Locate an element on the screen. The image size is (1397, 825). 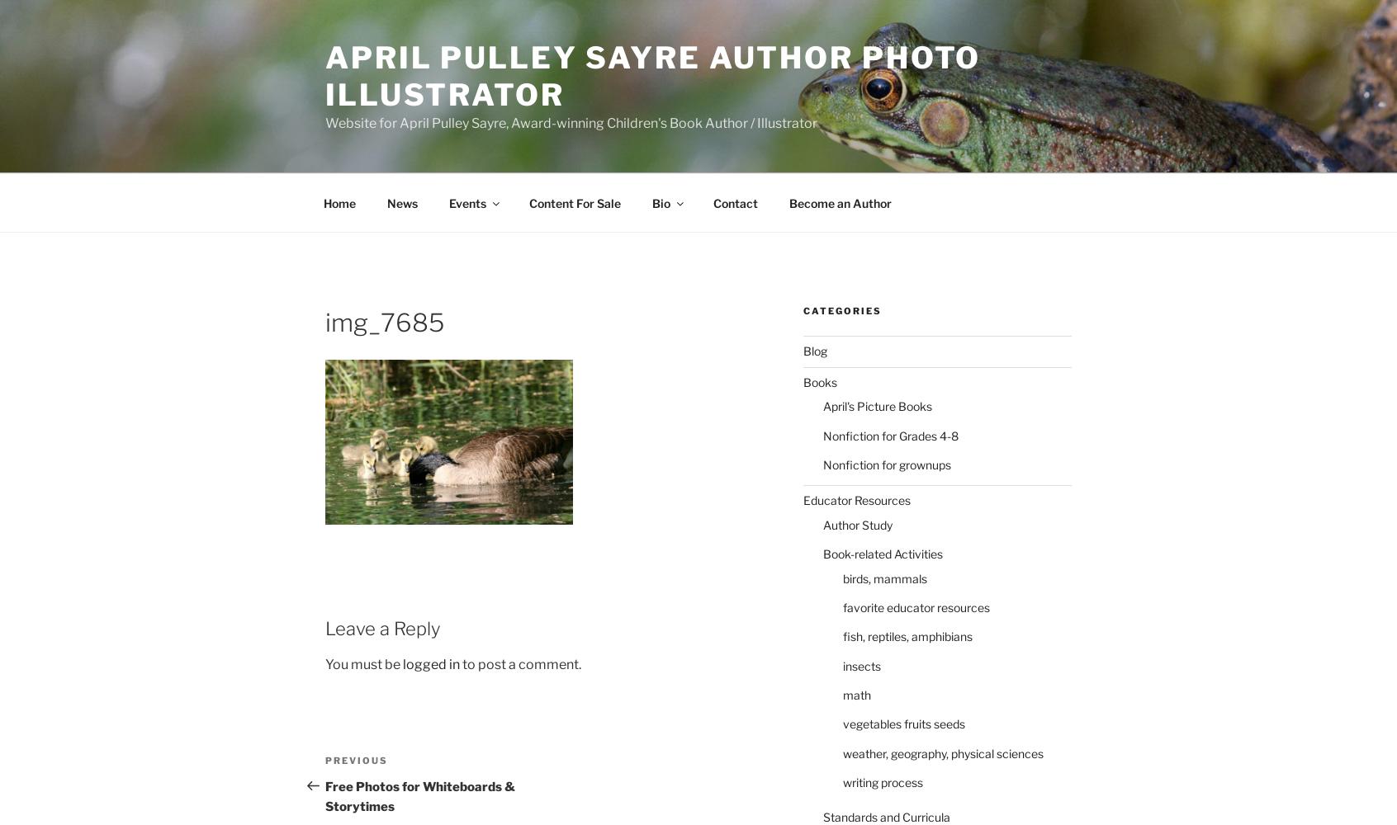
'Free Photos for Whiteboards & Storytimes' is located at coordinates (419, 795).